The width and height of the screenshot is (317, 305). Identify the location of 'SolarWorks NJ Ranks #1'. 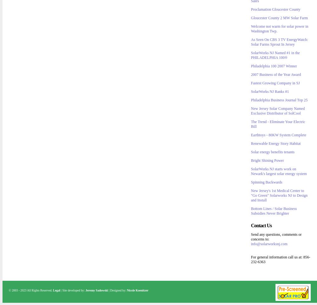
(270, 91).